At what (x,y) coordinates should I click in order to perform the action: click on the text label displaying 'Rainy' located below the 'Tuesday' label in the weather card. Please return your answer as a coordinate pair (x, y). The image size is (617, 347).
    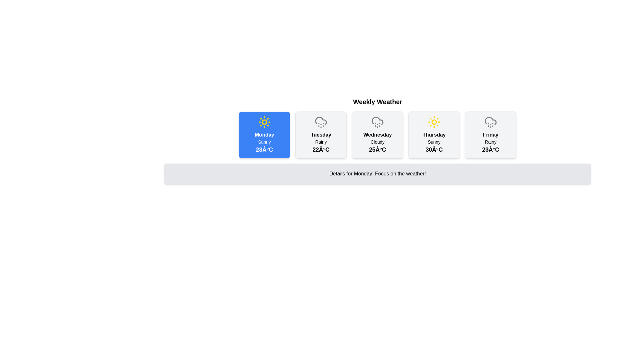
    Looking at the image, I should click on (321, 142).